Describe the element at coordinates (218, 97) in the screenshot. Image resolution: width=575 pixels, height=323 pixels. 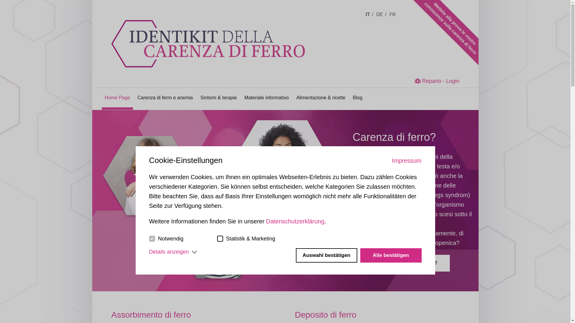
I see `'Sintomi & terapie'` at that location.